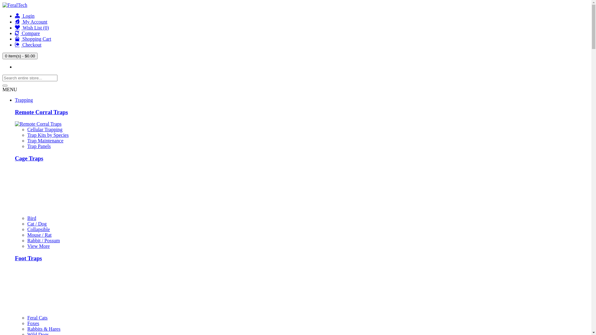 The height and width of the screenshot is (335, 596). Describe the element at coordinates (28, 258) in the screenshot. I see `'Foot Traps'` at that location.